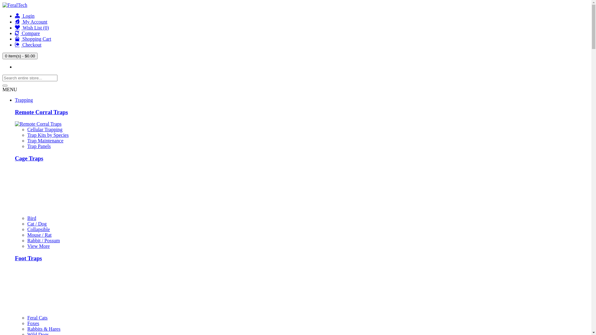 The height and width of the screenshot is (335, 596). Describe the element at coordinates (28, 258) in the screenshot. I see `'Foot Traps'` at that location.